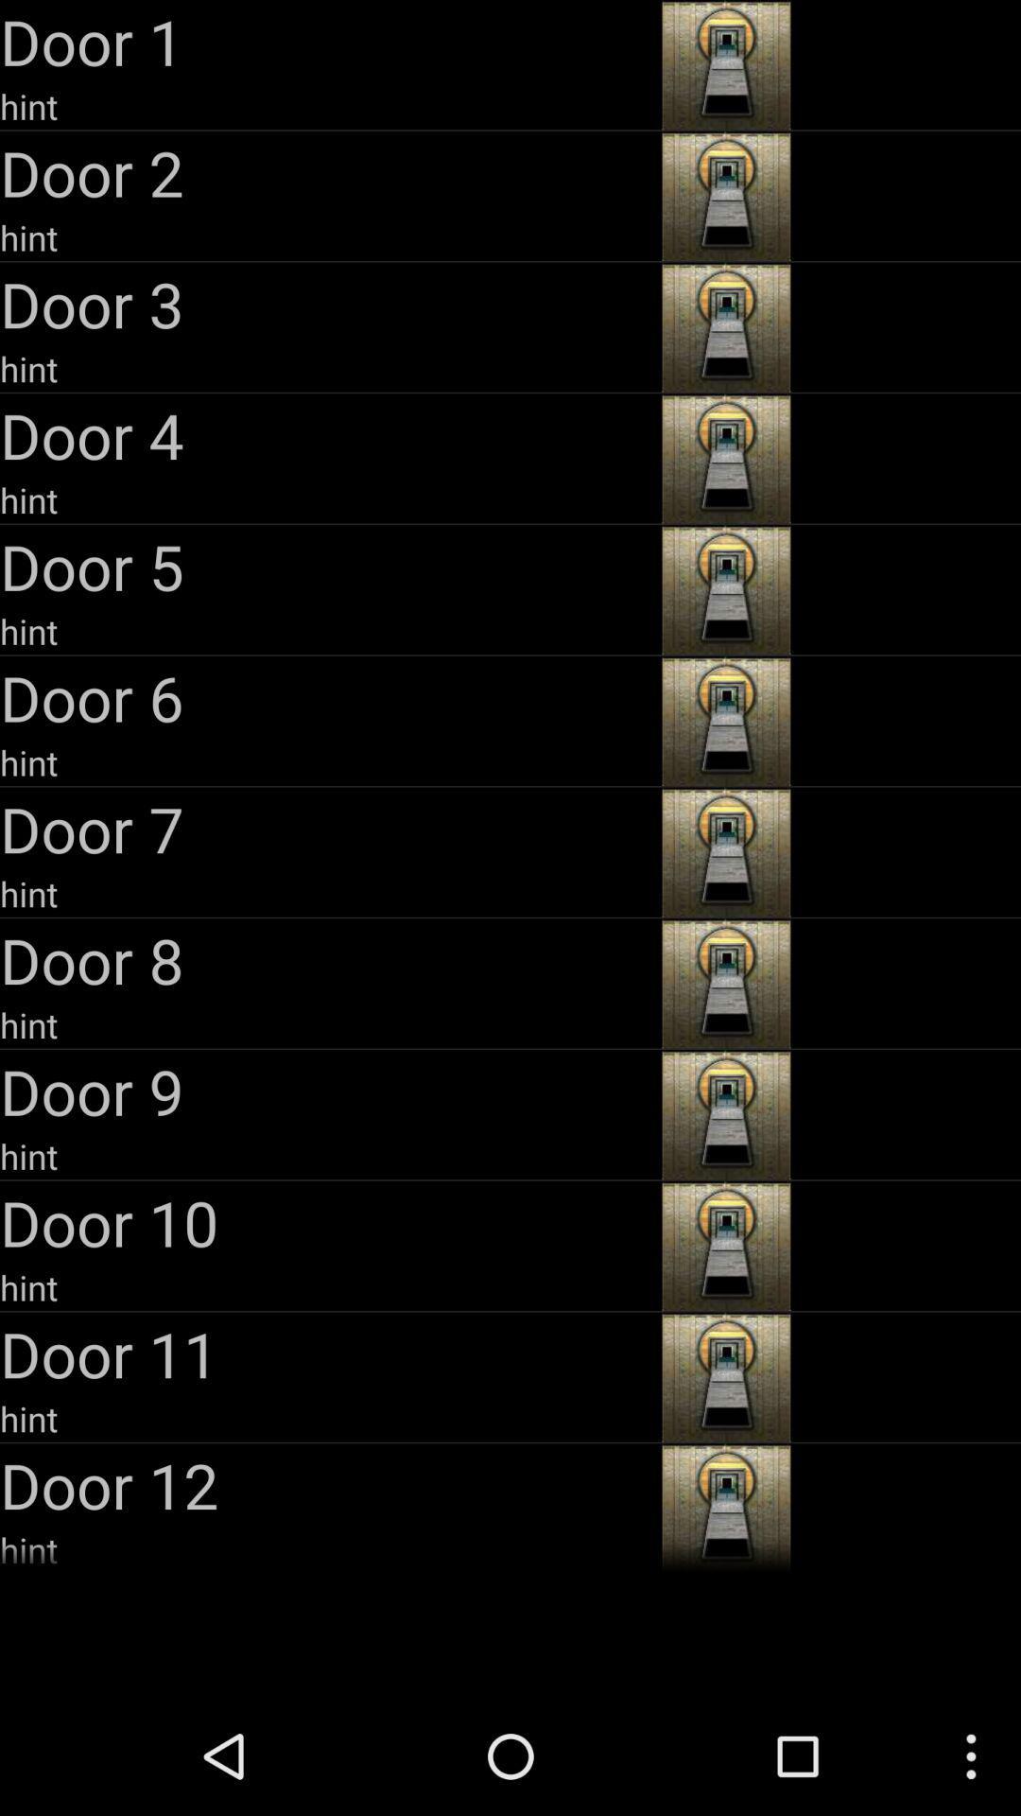 The image size is (1021, 1816). Describe the element at coordinates (327, 696) in the screenshot. I see `the door 6 icon` at that location.